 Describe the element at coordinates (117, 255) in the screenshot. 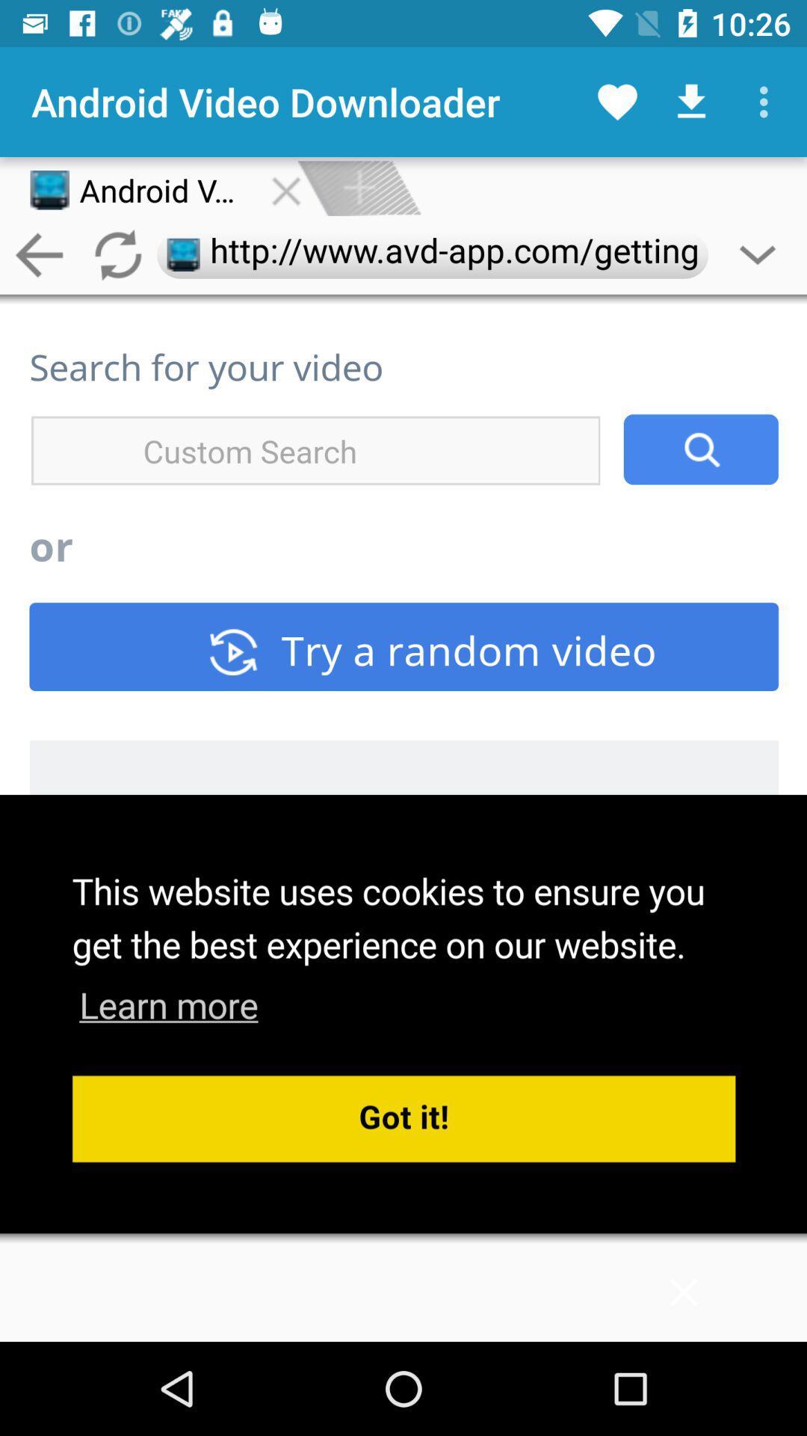

I see `the refresh icon` at that location.